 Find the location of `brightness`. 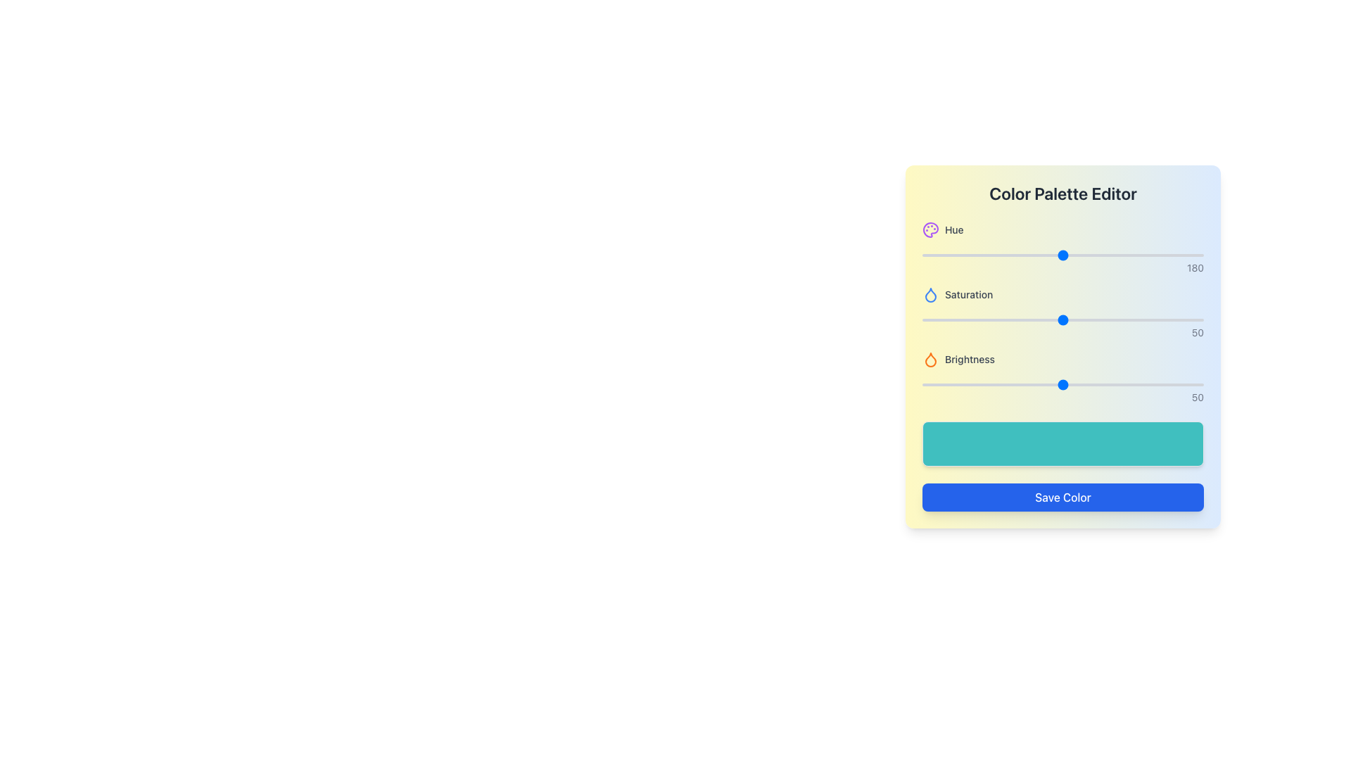

brightness is located at coordinates (1006, 385).